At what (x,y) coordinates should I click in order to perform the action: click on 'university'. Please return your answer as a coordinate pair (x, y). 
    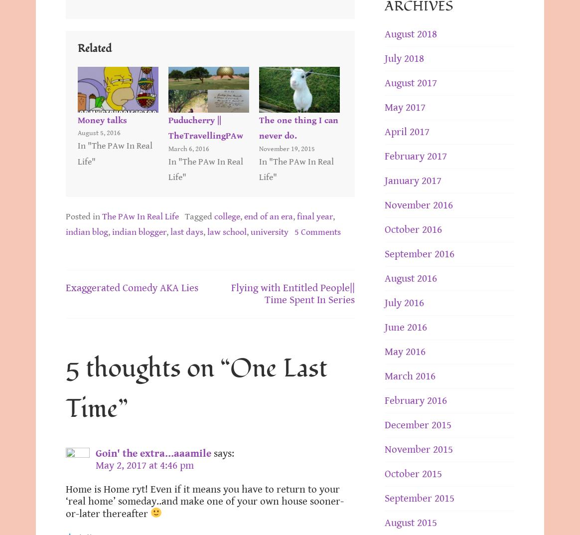
    Looking at the image, I should click on (269, 232).